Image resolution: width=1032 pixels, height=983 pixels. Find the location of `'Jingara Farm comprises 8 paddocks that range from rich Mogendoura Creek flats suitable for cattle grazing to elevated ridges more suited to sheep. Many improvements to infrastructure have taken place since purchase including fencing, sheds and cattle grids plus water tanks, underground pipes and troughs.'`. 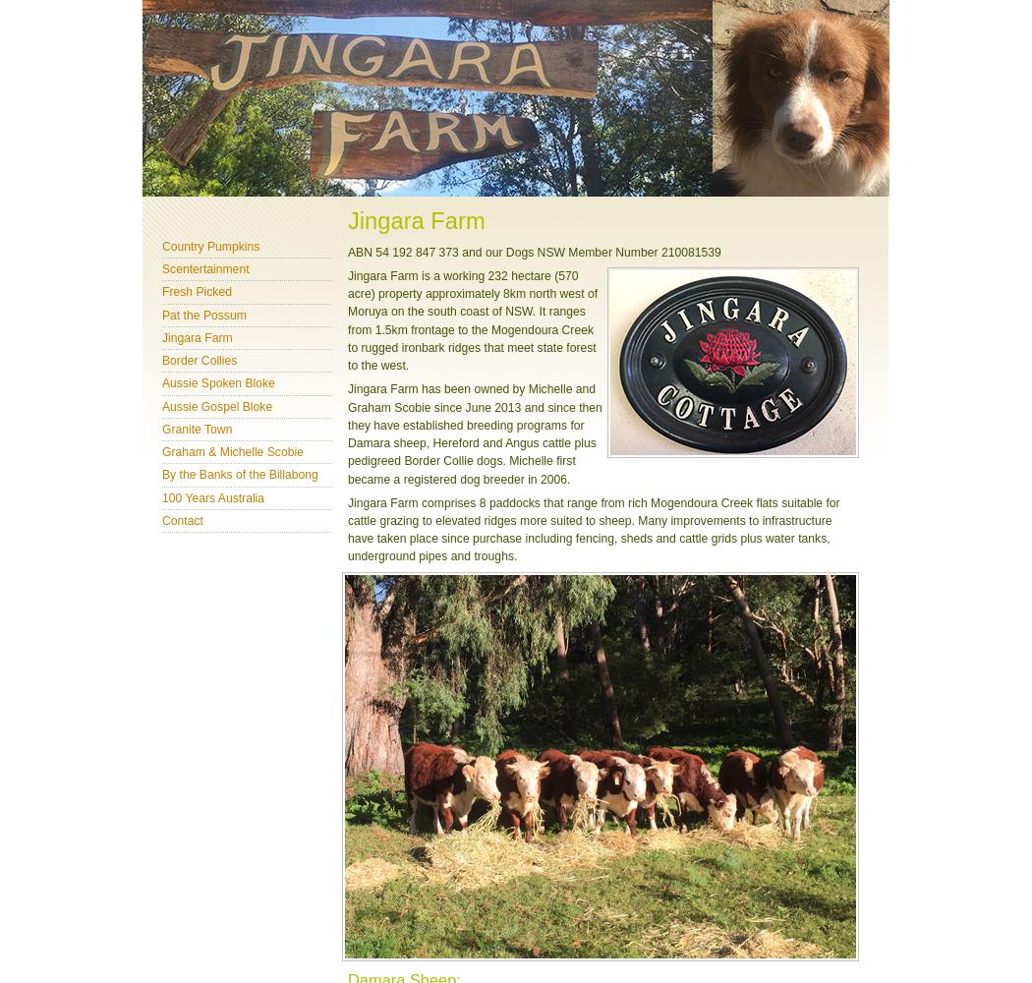

'Jingara Farm comprises 8 paddocks that range from rich Mogendoura Creek flats suitable for cattle grazing to elevated ridges more suited to sheep. Many improvements to infrastructure have taken place since purchase including fencing, sheds and cattle grids plus water tanks, underground pipes and troughs.' is located at coordinates (593, 529).